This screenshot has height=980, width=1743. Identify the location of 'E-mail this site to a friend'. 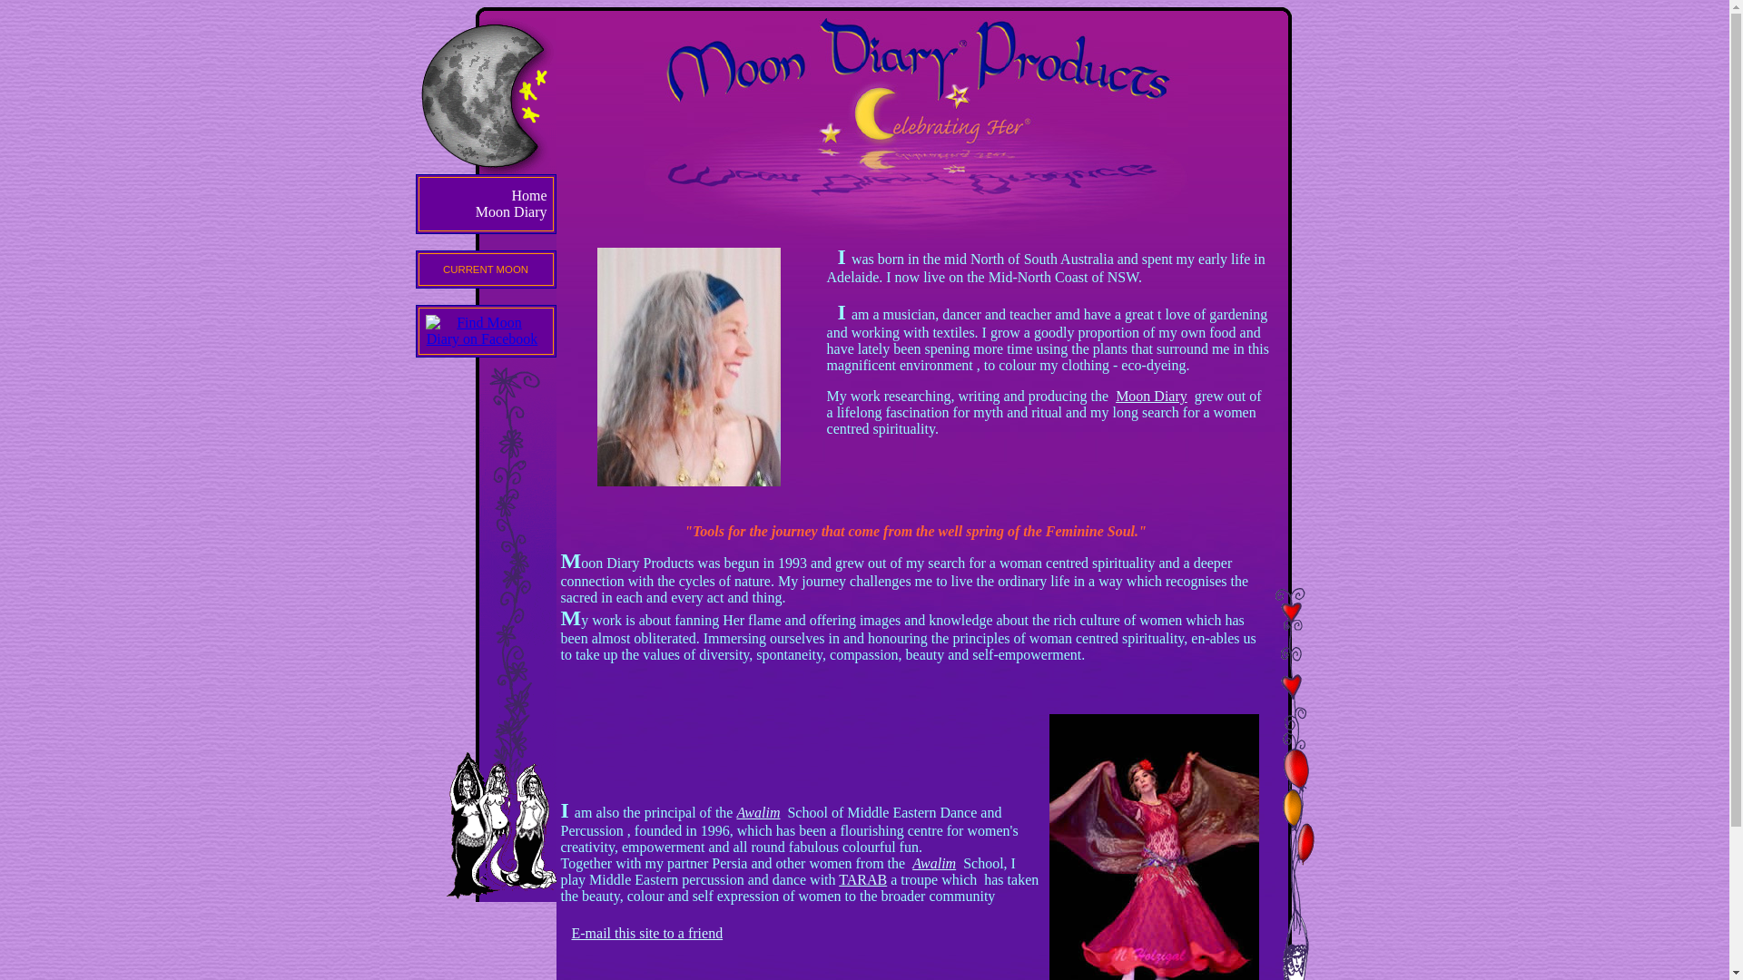
(570, 933).